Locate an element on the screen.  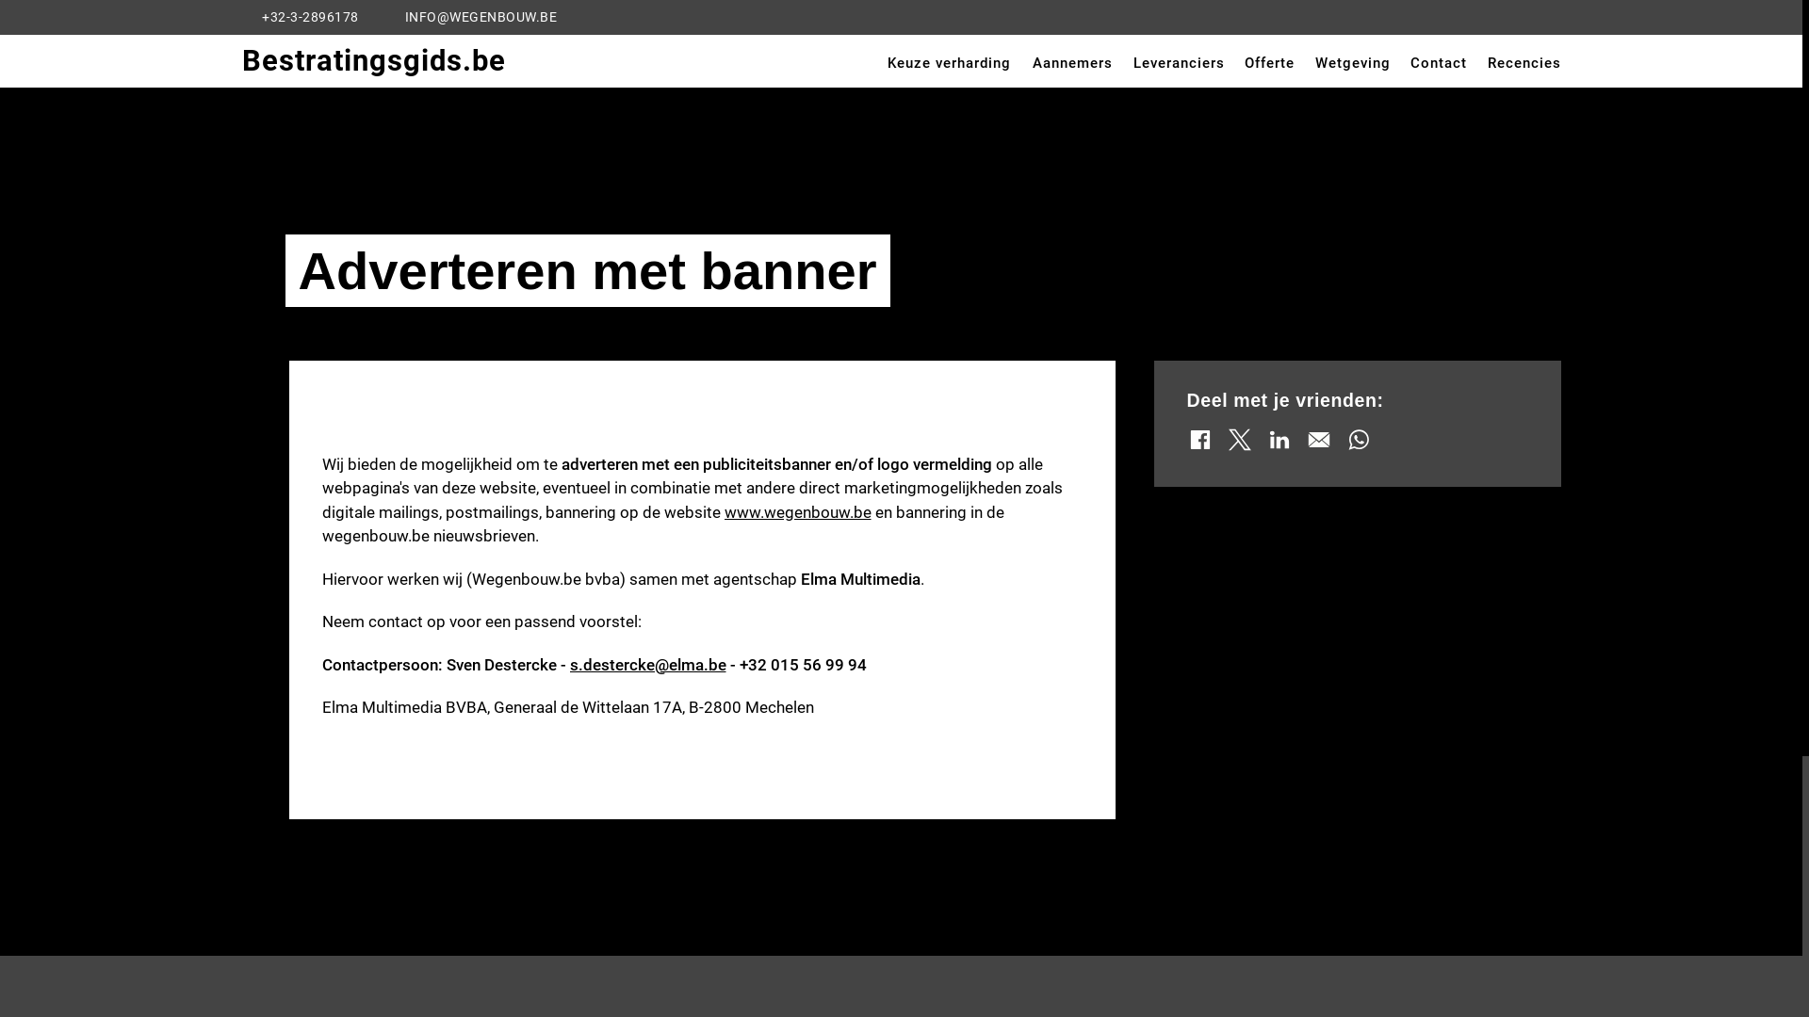
'www.wegenbouw.be' is located at coordinates (723, 512).